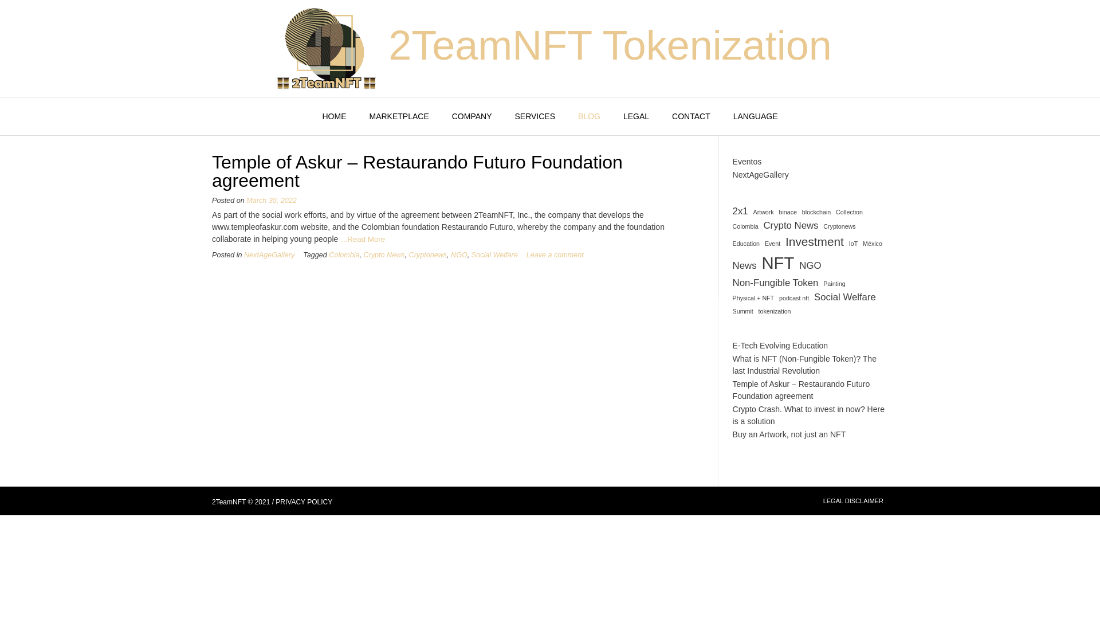 The height and width of the screenshot is (619, 1100). I want to click on 'tokenization', so click(775, 311).